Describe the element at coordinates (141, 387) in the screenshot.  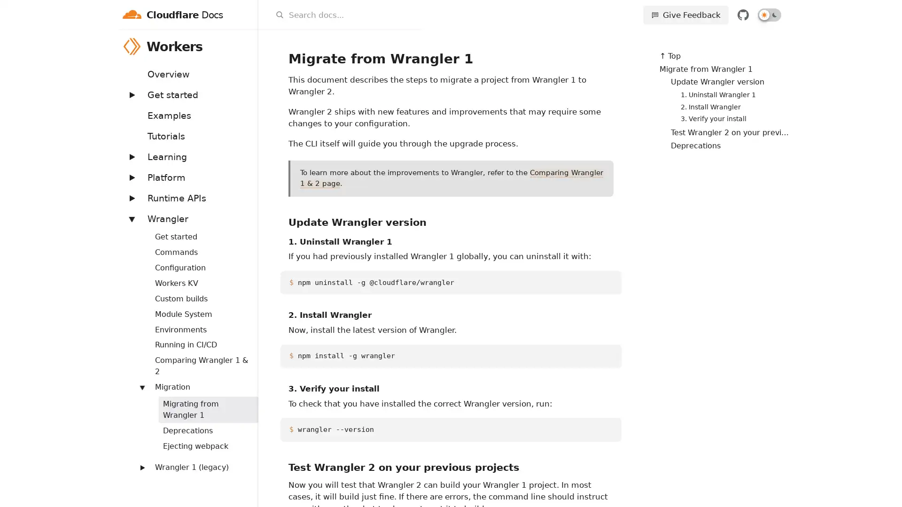
I see `Expand: Migration` at that location.